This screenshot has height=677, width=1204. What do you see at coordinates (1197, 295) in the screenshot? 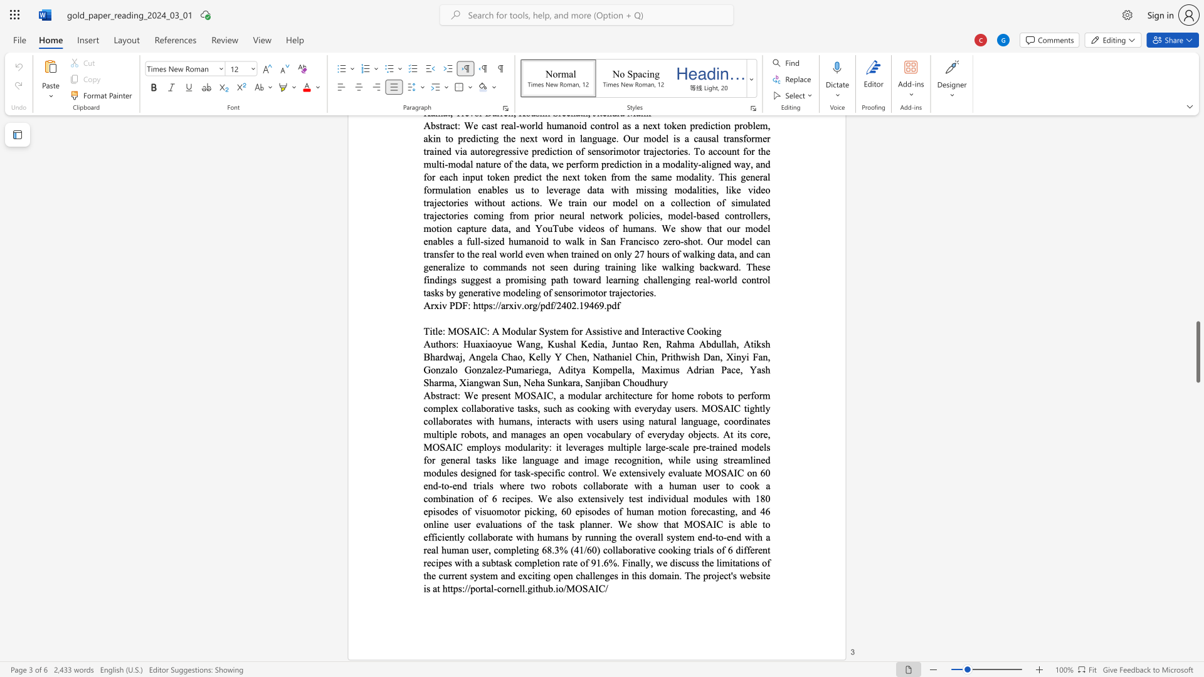
I see `the side scrollbar to bring the page up` at bounding box center [1197, 295].